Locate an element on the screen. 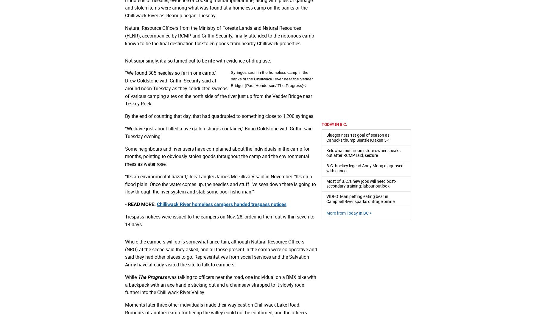 This screenshot has width=536, height=317. 'B.C. hockey legend Andy Moog diagnosed with cancer' is located at coordinates (364, 168).